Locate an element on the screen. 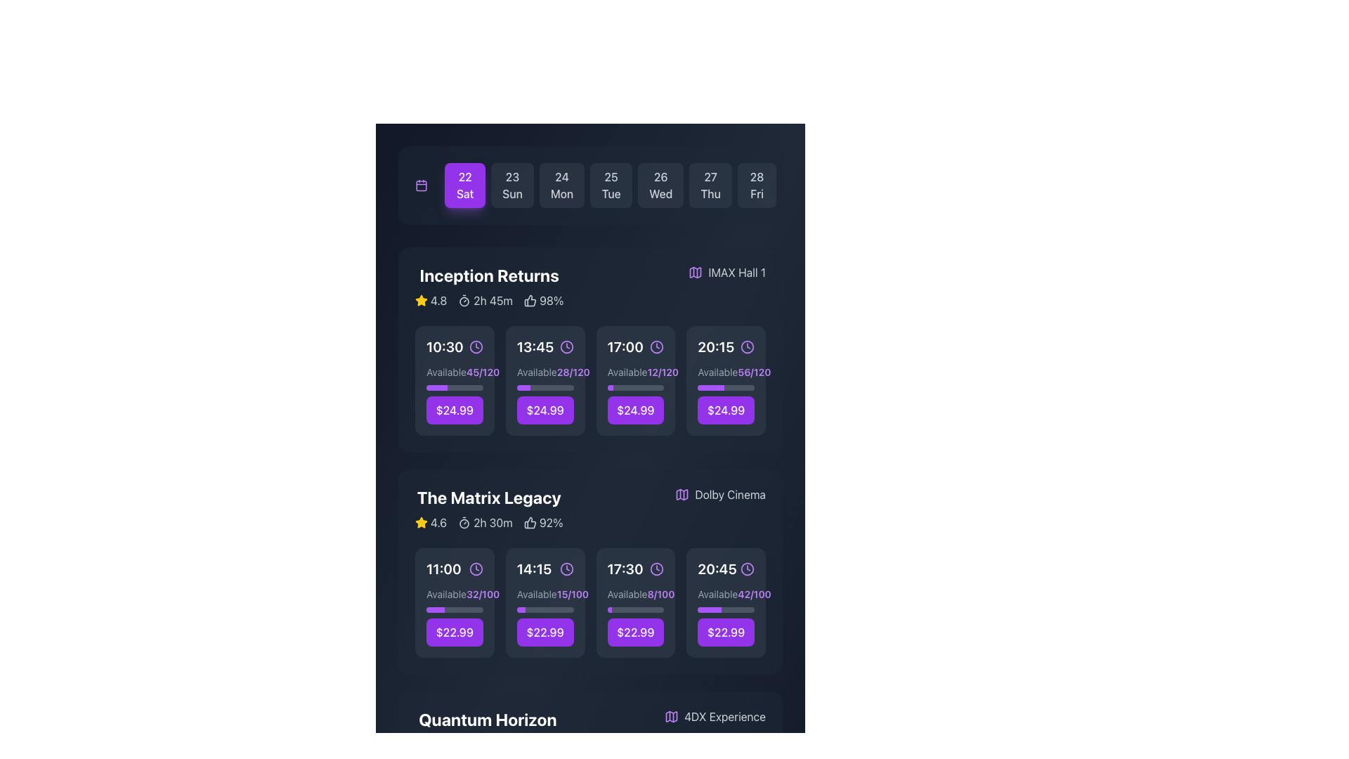  the yellow five-pointed star icon representing the 'rating' symbol in the 'Inception Returns' section, located above the showtime listings is located at coordinates (421, 522).